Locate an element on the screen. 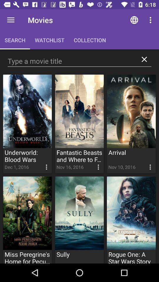 The width and height of the screenshot is (159, 282). the close icon is located at coordinates (144, 59).